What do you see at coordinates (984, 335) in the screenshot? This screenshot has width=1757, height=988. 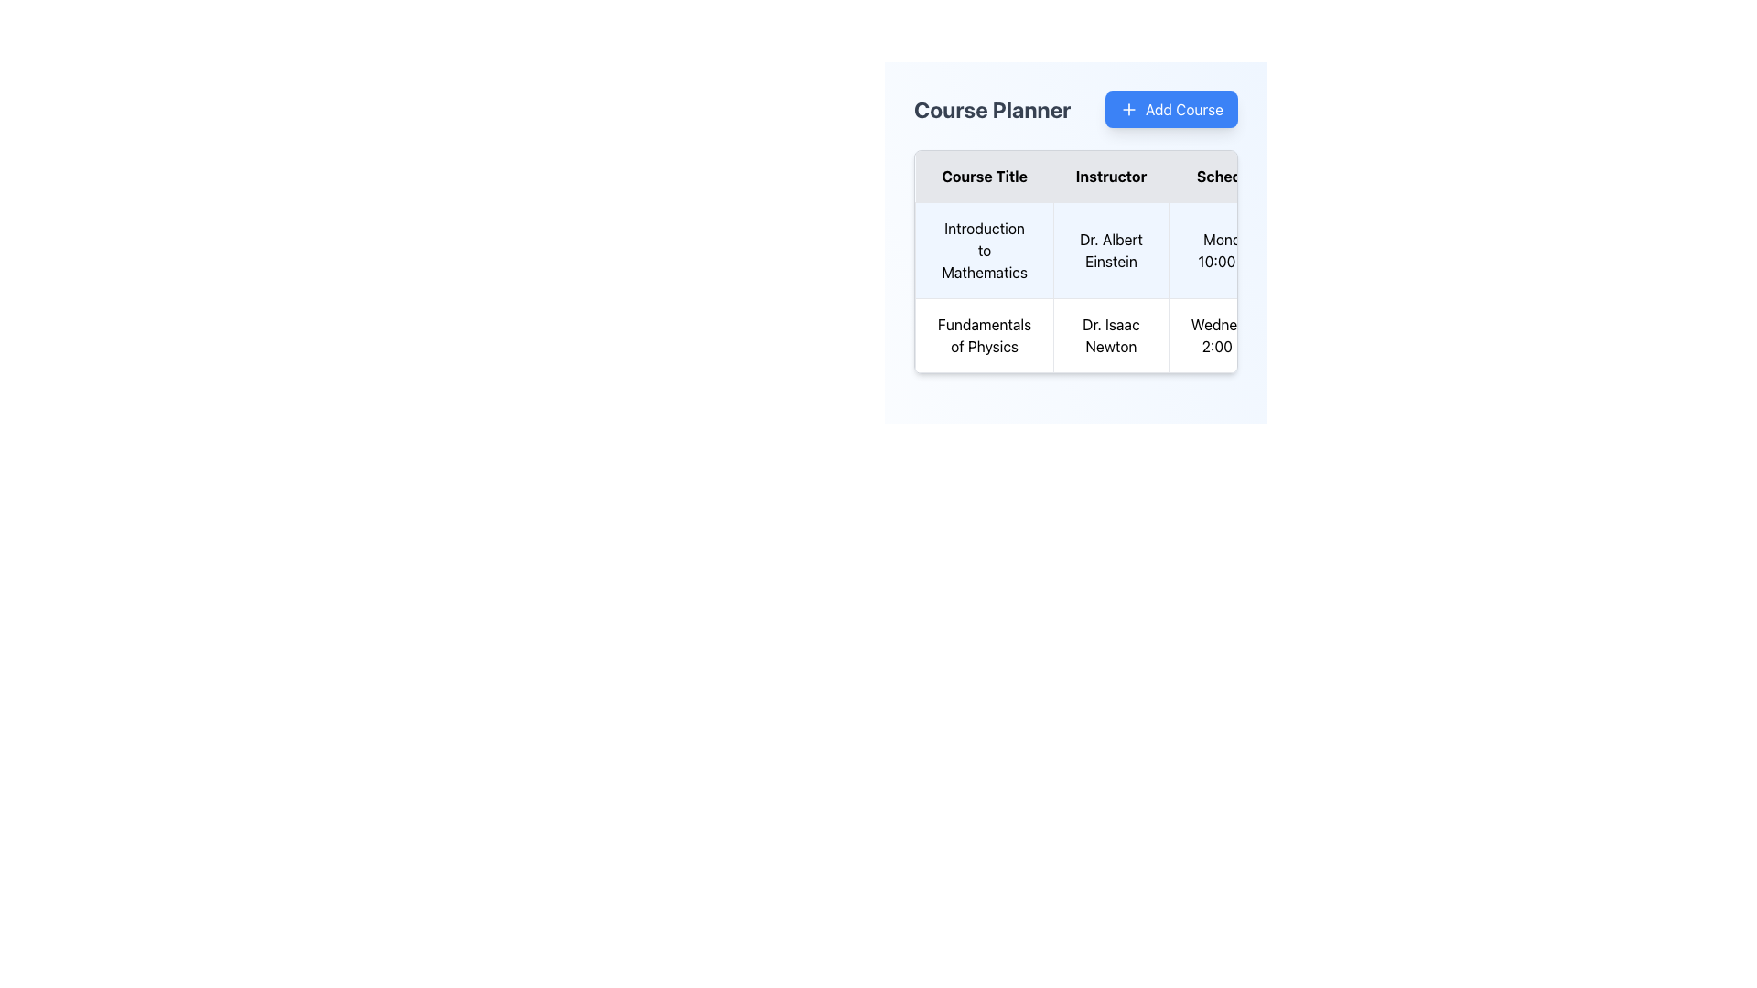 I see `the Text Display element that represents the title of a course in the academic course planning interface, located in the second row under 'Course Title', adjacent to 'Dr. Isaac Newton'` at bounding box center [984, 335].